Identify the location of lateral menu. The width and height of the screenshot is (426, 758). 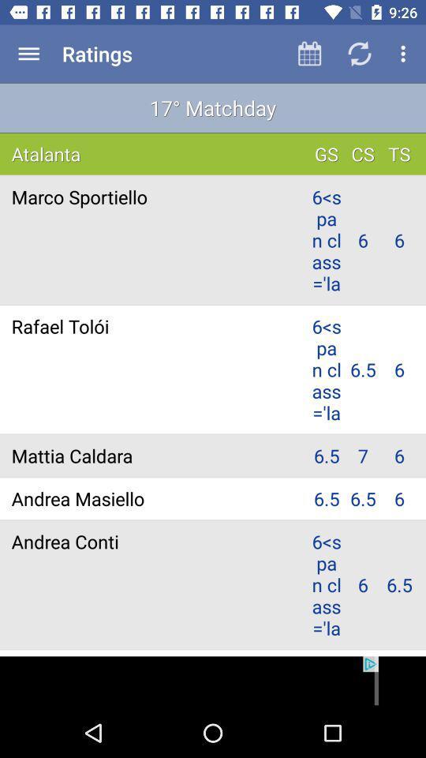
(28, 54).